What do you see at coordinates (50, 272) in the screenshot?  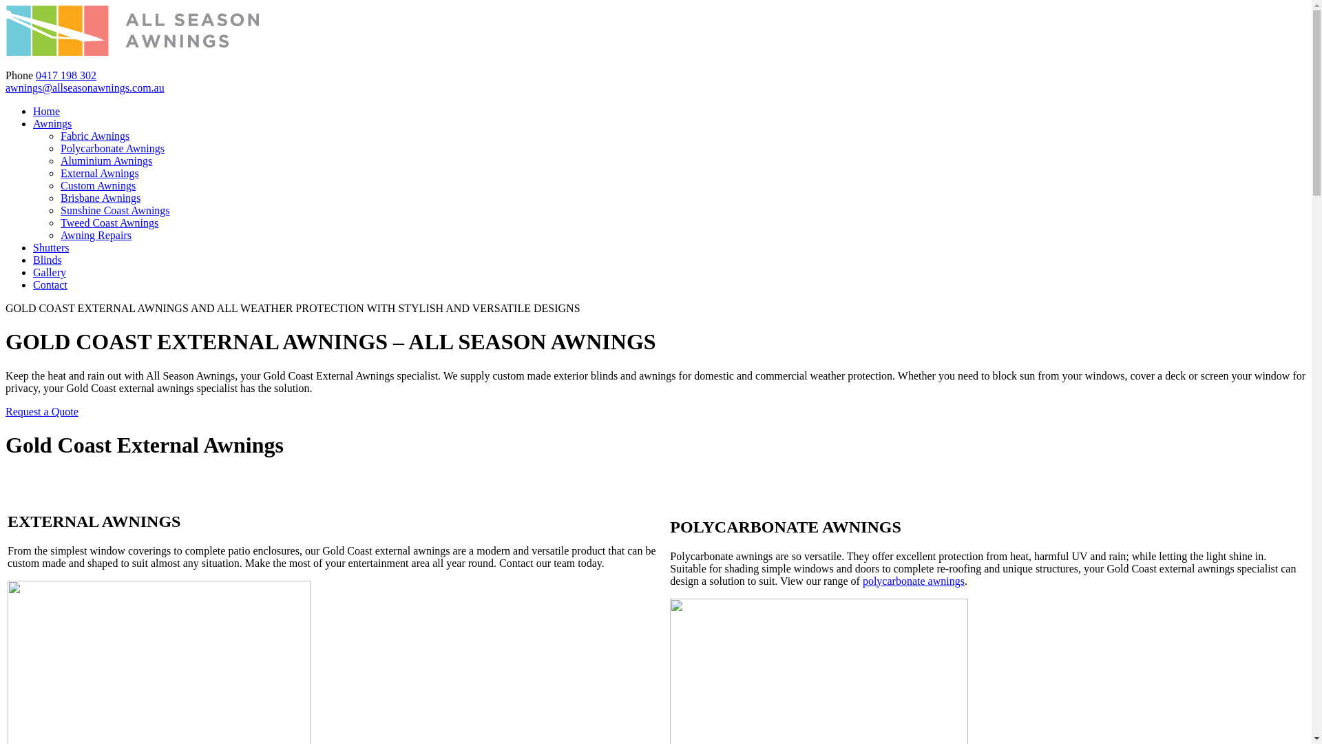 I see `'Gallery'` at bounding box center [50, 272].